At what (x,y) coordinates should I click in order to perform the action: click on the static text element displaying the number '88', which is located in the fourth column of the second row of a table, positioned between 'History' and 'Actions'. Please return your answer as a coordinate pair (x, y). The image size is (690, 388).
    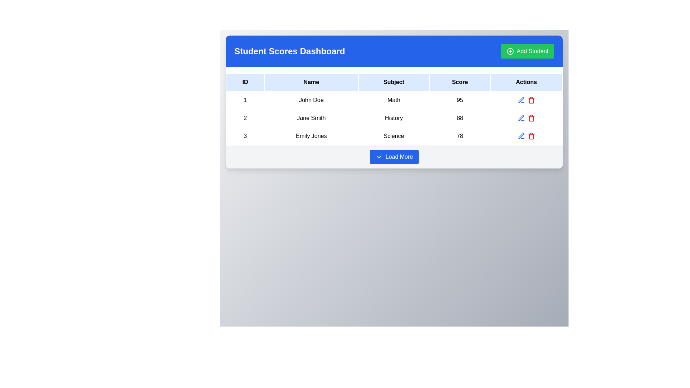
    Looking at the image, I should click on (459, 117).